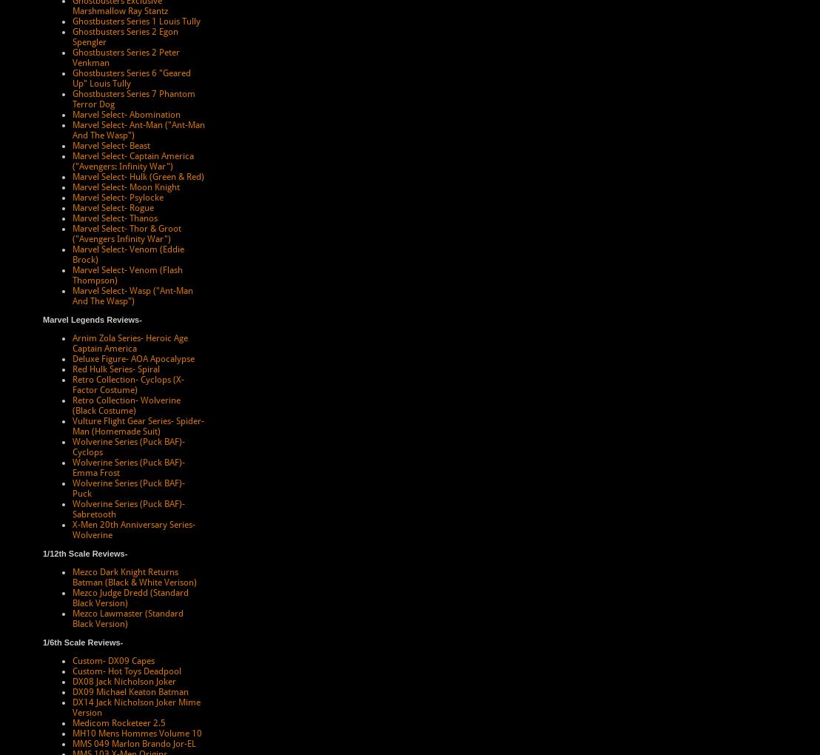 The image size is (820, 755). Describe the element at coordinates (72, 58) in the screenshot. I see `'Ghostbusters Series 2 Peter Venkman'` at that location.